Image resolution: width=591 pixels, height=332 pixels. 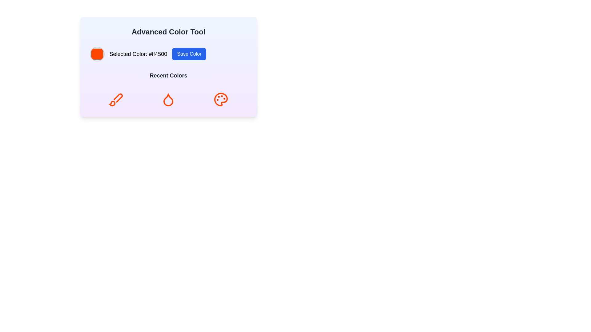 I want to click on the palette icon, which is the rightmost icon in the row of recent color tools under the 'Recent Colors' header, so click(x=221, y=99).